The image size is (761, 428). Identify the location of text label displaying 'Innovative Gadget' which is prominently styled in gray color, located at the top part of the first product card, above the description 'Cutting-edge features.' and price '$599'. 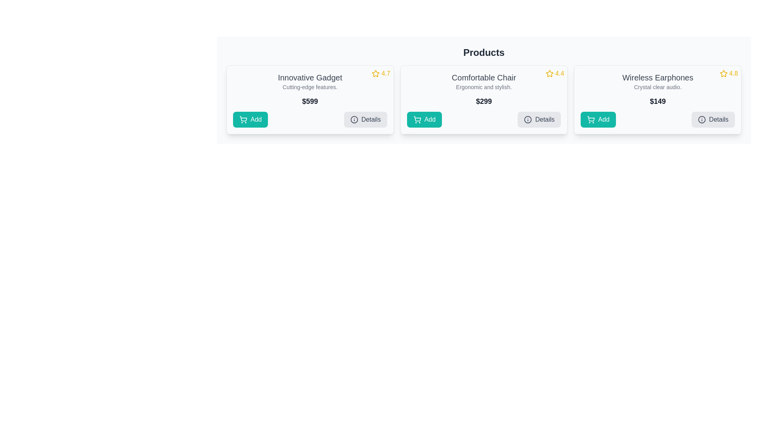
(310, 78).